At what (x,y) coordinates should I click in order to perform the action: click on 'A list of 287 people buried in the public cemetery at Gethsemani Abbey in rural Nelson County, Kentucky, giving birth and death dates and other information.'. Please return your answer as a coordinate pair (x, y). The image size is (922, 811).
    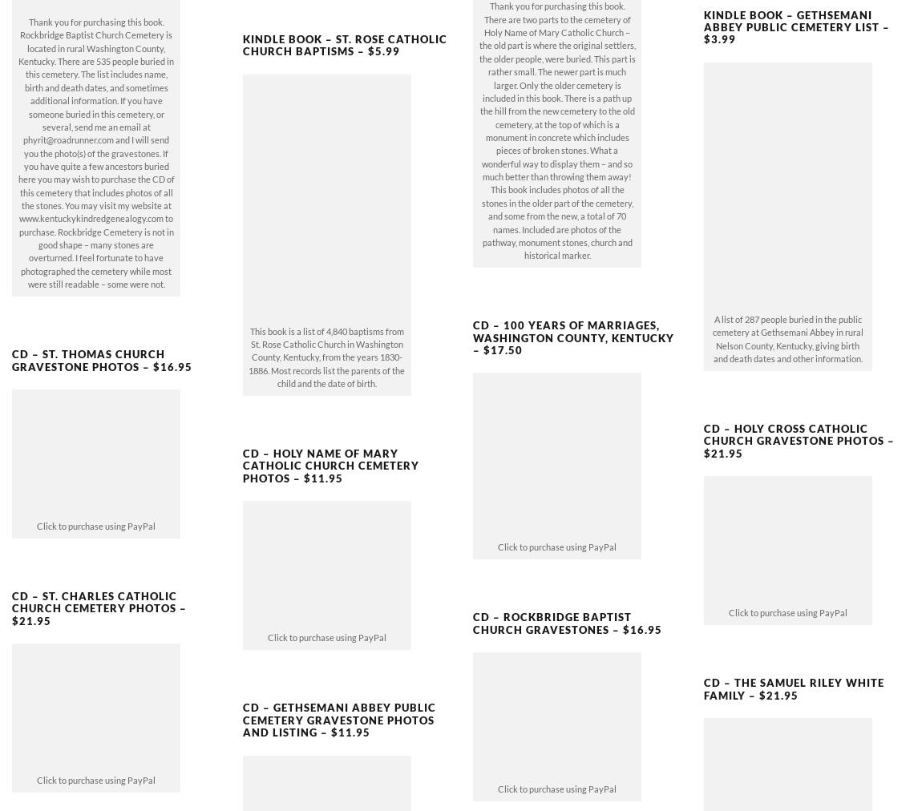
    Looking at the image, I should click on (787, 312).